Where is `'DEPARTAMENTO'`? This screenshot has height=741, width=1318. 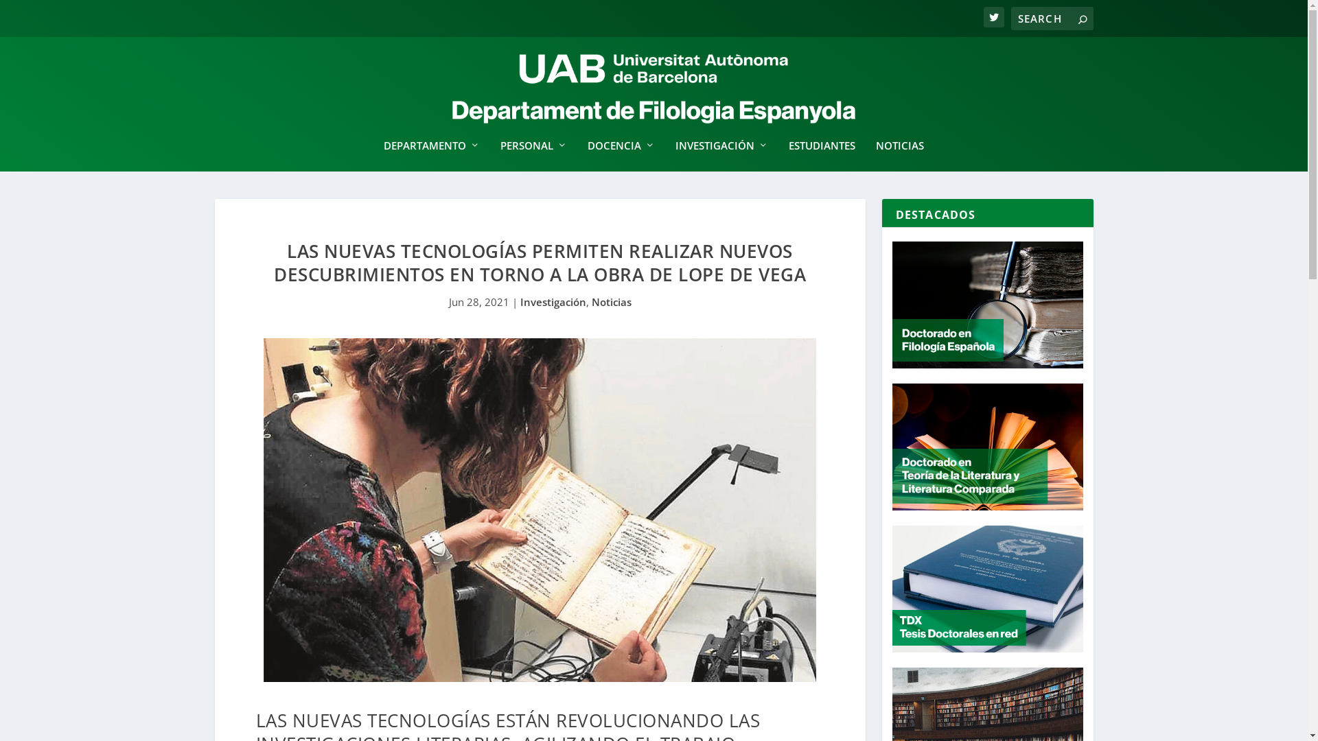
'DEPARTAMENTO' is located at coordinates (430, 155).